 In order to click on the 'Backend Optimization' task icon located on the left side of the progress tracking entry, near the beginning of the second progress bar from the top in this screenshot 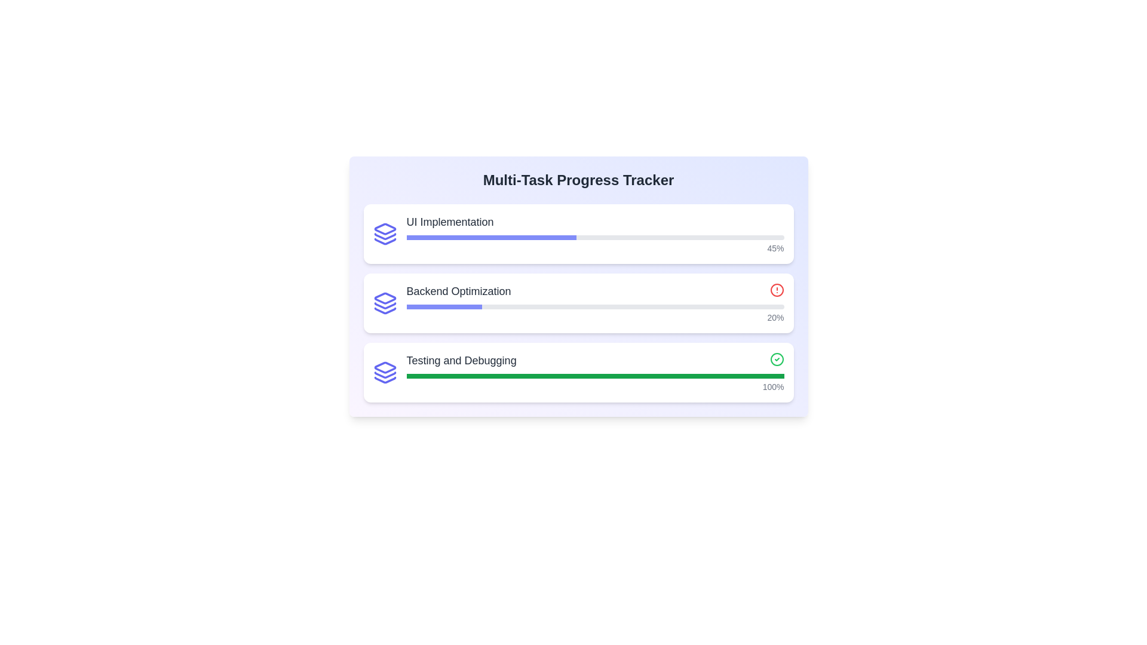, I will do `click(385, 303)`.